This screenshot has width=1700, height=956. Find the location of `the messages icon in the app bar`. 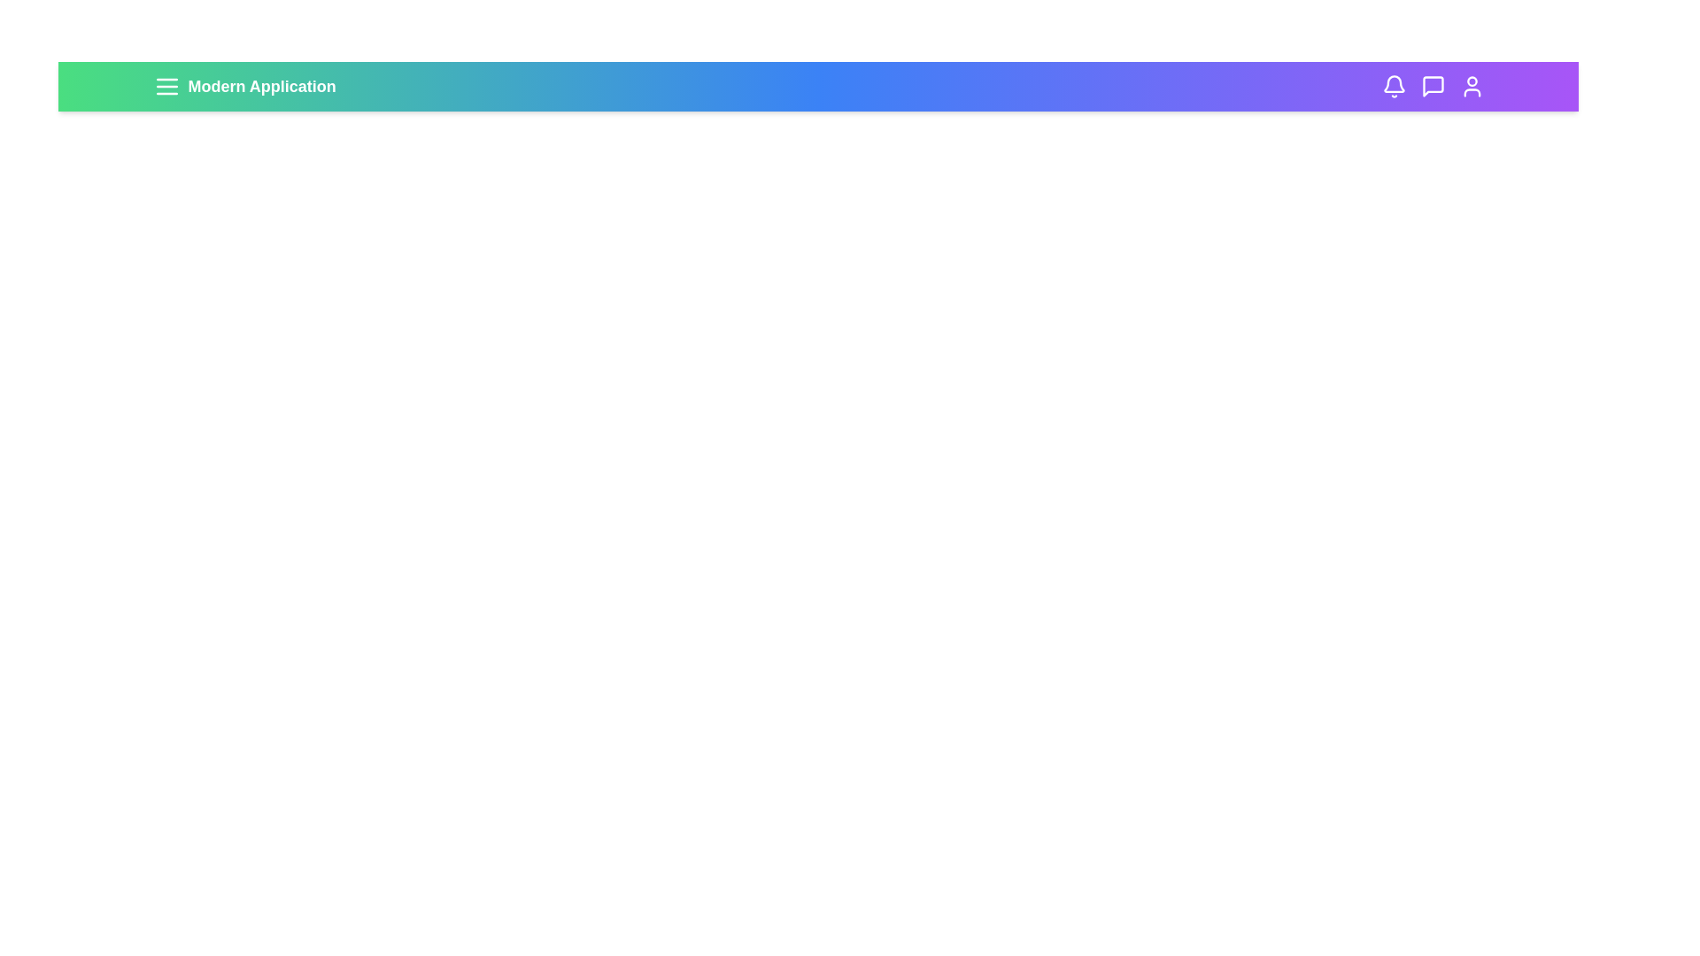

the messages icon in the app bar is located at coordinates (1433, 86).